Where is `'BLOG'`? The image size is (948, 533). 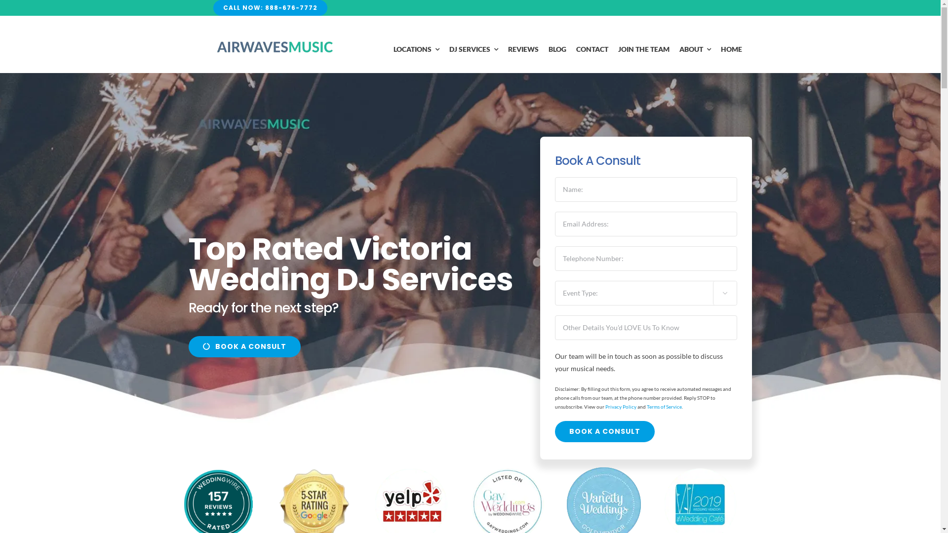
'BLOG' is located at coordinates (557, 49).